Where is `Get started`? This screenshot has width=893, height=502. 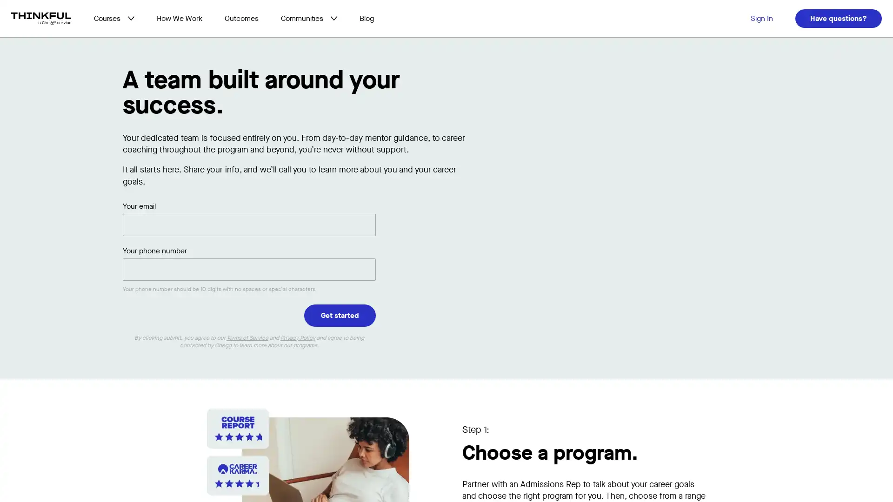 Get started is located at coordinates (339, 315).